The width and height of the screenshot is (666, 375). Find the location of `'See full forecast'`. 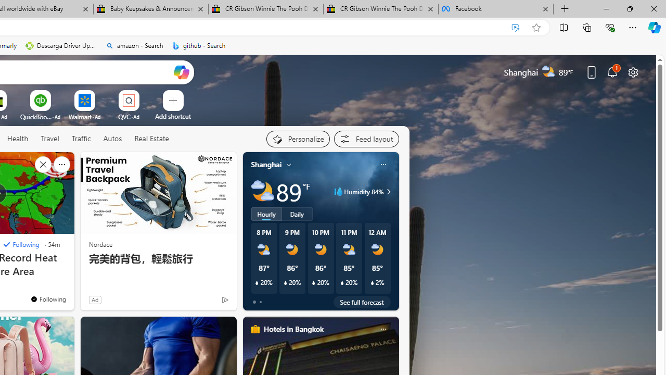

'See full forecast' is located at coordinates (362, 302).